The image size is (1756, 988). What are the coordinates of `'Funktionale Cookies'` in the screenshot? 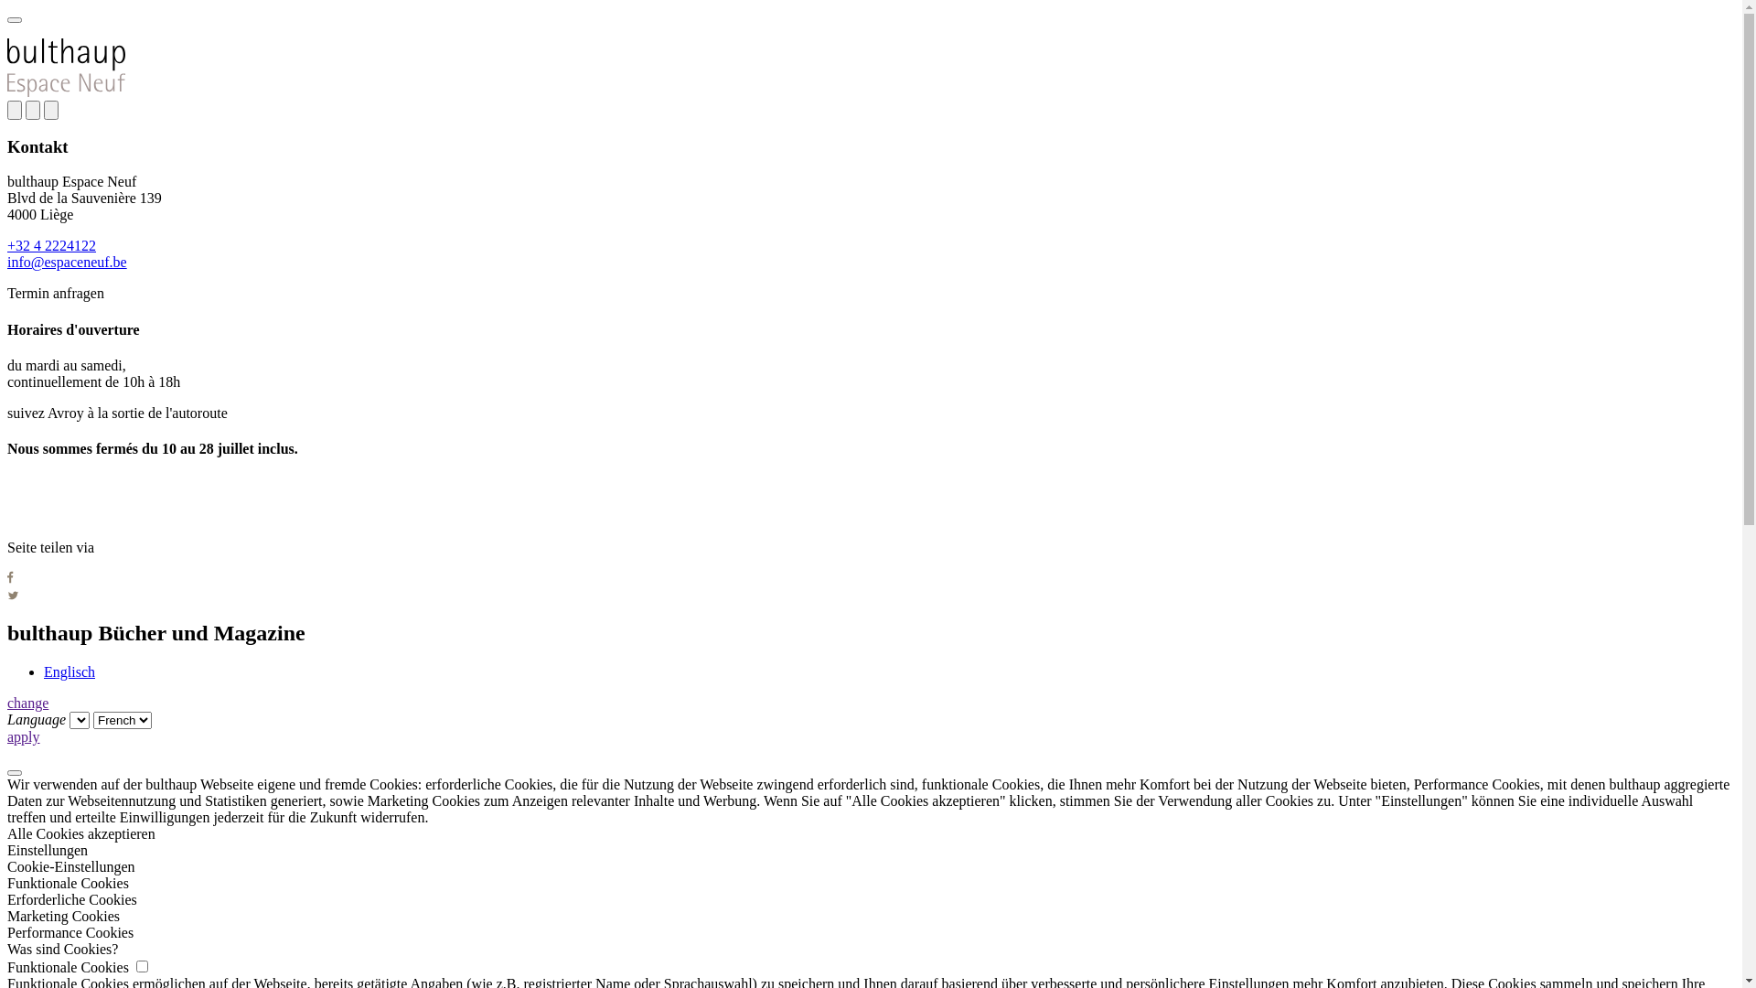 It's located at (870, 882).